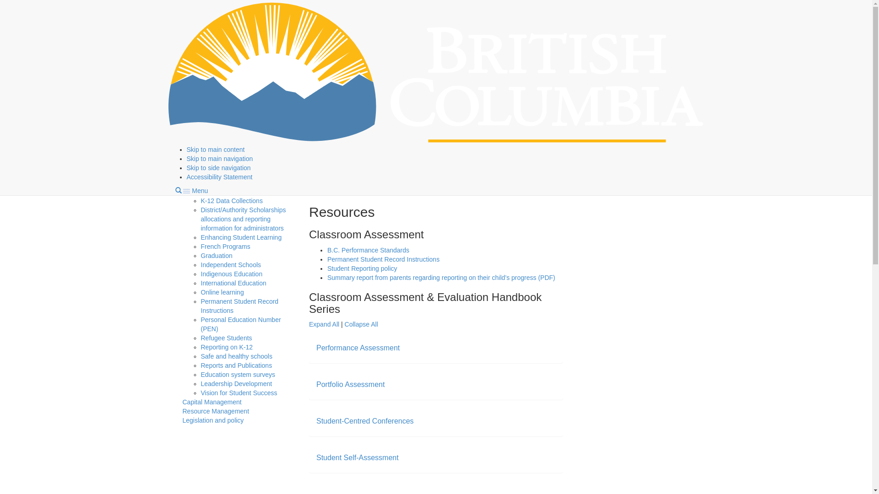 The width and height of the screenshot is (879, 494). Describe the element at coordinates (236, 384) in the screenshot. I see `'Leadership Development'` at that location.